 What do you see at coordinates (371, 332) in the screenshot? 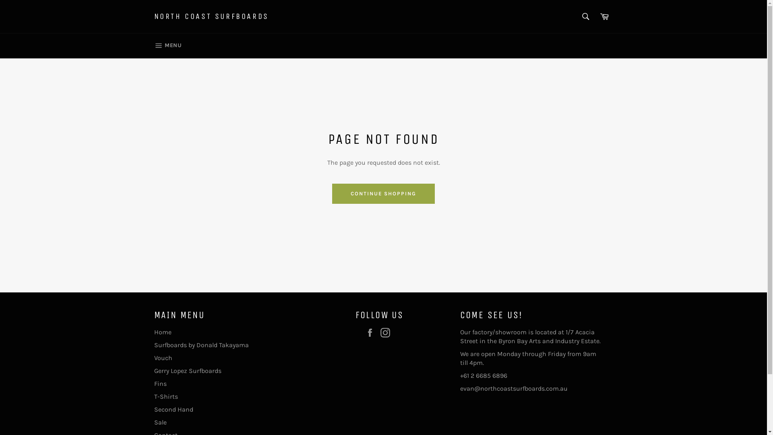
I see `'Facebook'` at bounding box center [371, 332].